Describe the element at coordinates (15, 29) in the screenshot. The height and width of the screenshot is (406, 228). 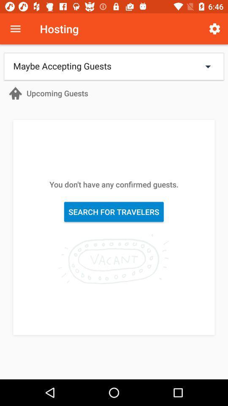
I see `the icon above maybe accepting guests icon` at that location.